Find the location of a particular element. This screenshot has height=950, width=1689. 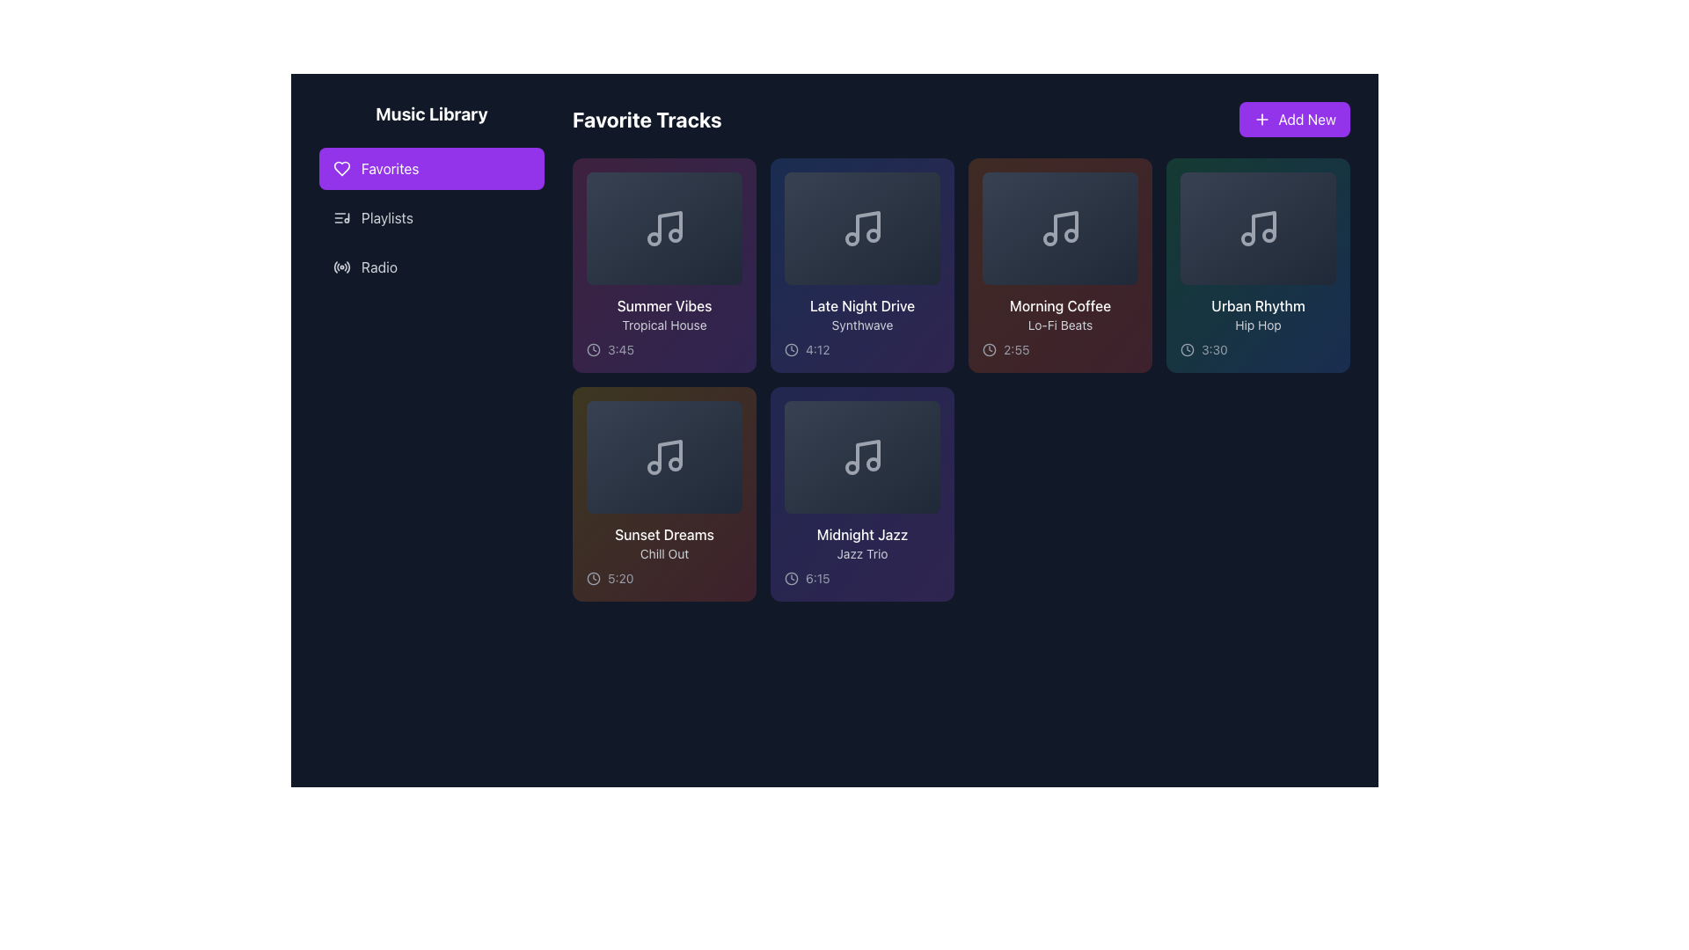

text from the genre label indicating the genre 'Synthwave' located within the 'Late Night Drive' card in the 'Favorite Tracks' section, positioned below the title and above the duration text '4:12' is located at coordinates (862, 325).